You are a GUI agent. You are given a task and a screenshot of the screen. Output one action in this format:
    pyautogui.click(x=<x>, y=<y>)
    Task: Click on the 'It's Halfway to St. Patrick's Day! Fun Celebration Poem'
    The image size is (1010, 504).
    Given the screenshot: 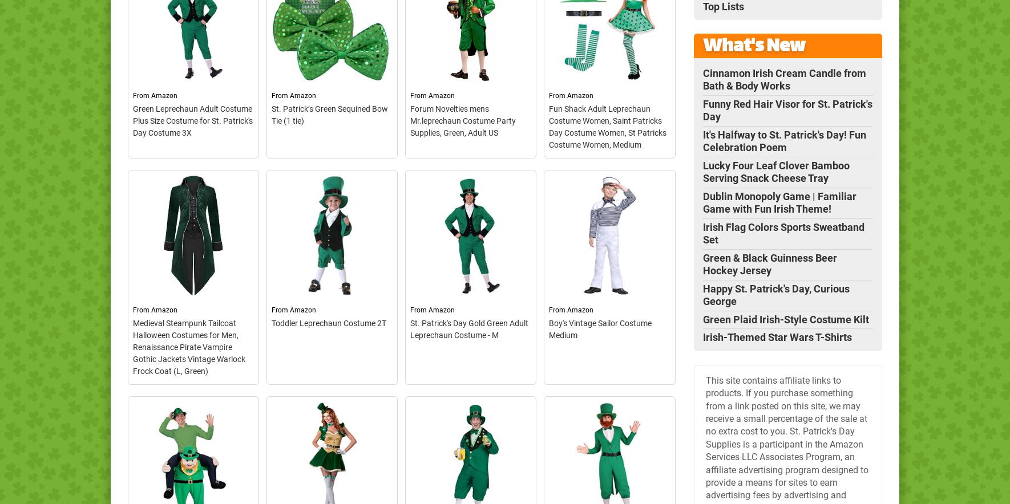 What is the action you would take?
    pyautogui.click(x=784, y=140)
    